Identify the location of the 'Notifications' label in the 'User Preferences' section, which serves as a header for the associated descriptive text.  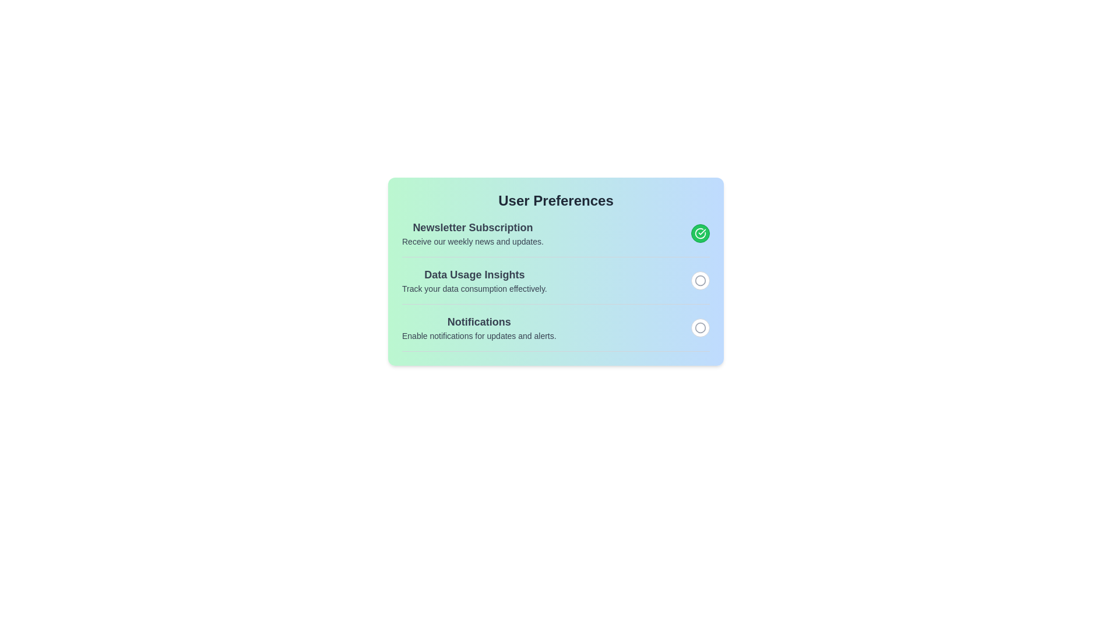
(479, 321).